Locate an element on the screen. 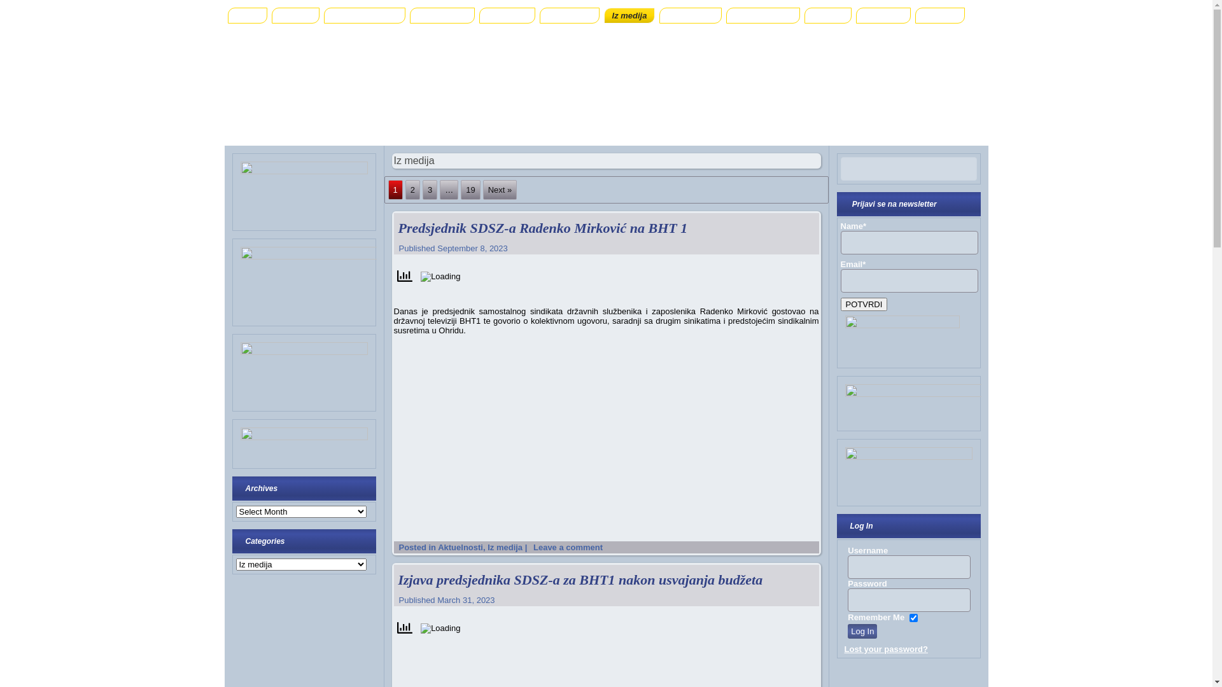 Image resolution: width=1222 pixels, height=687 pixels. 'Iz medija' is located at coordinates (629, 15).